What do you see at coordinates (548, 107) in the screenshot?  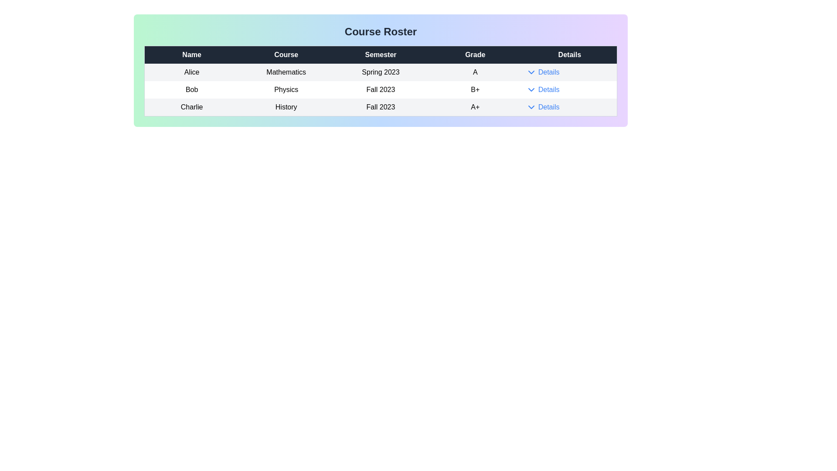 I see `the 'Details' text link in blue color located in the third row of the table to observe the hover effect` at bounding box center [548, 107].